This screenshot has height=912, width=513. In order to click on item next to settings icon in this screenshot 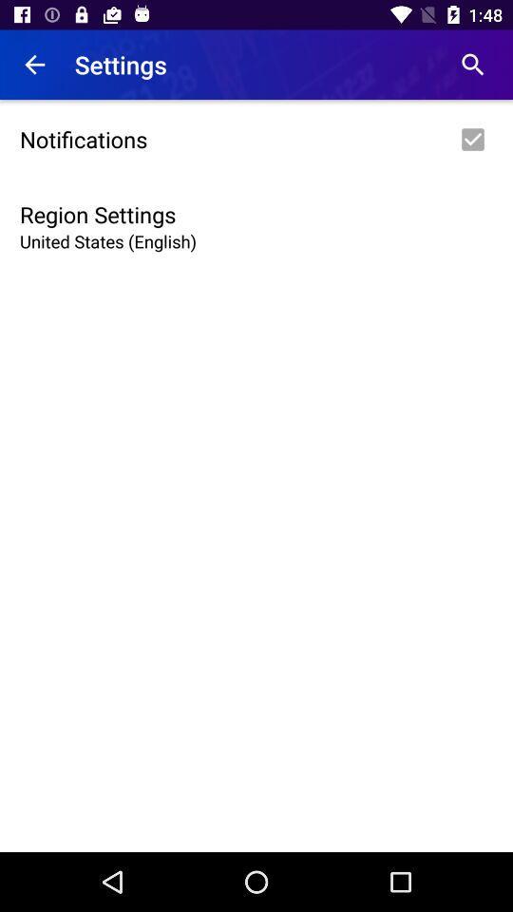, I will do `click(34, 65)`.